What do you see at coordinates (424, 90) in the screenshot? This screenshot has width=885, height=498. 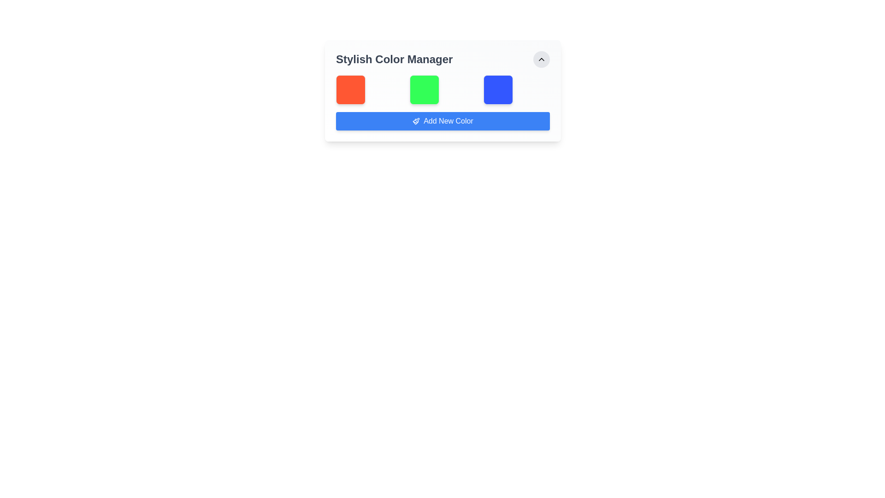 I see `the Colored Box that serves as a visual indicator or selectable option within the color selection interface, located beneath the title 'Stylish Color Manager' and above the 'Add New Color' button` at bounding box center [424, 90].